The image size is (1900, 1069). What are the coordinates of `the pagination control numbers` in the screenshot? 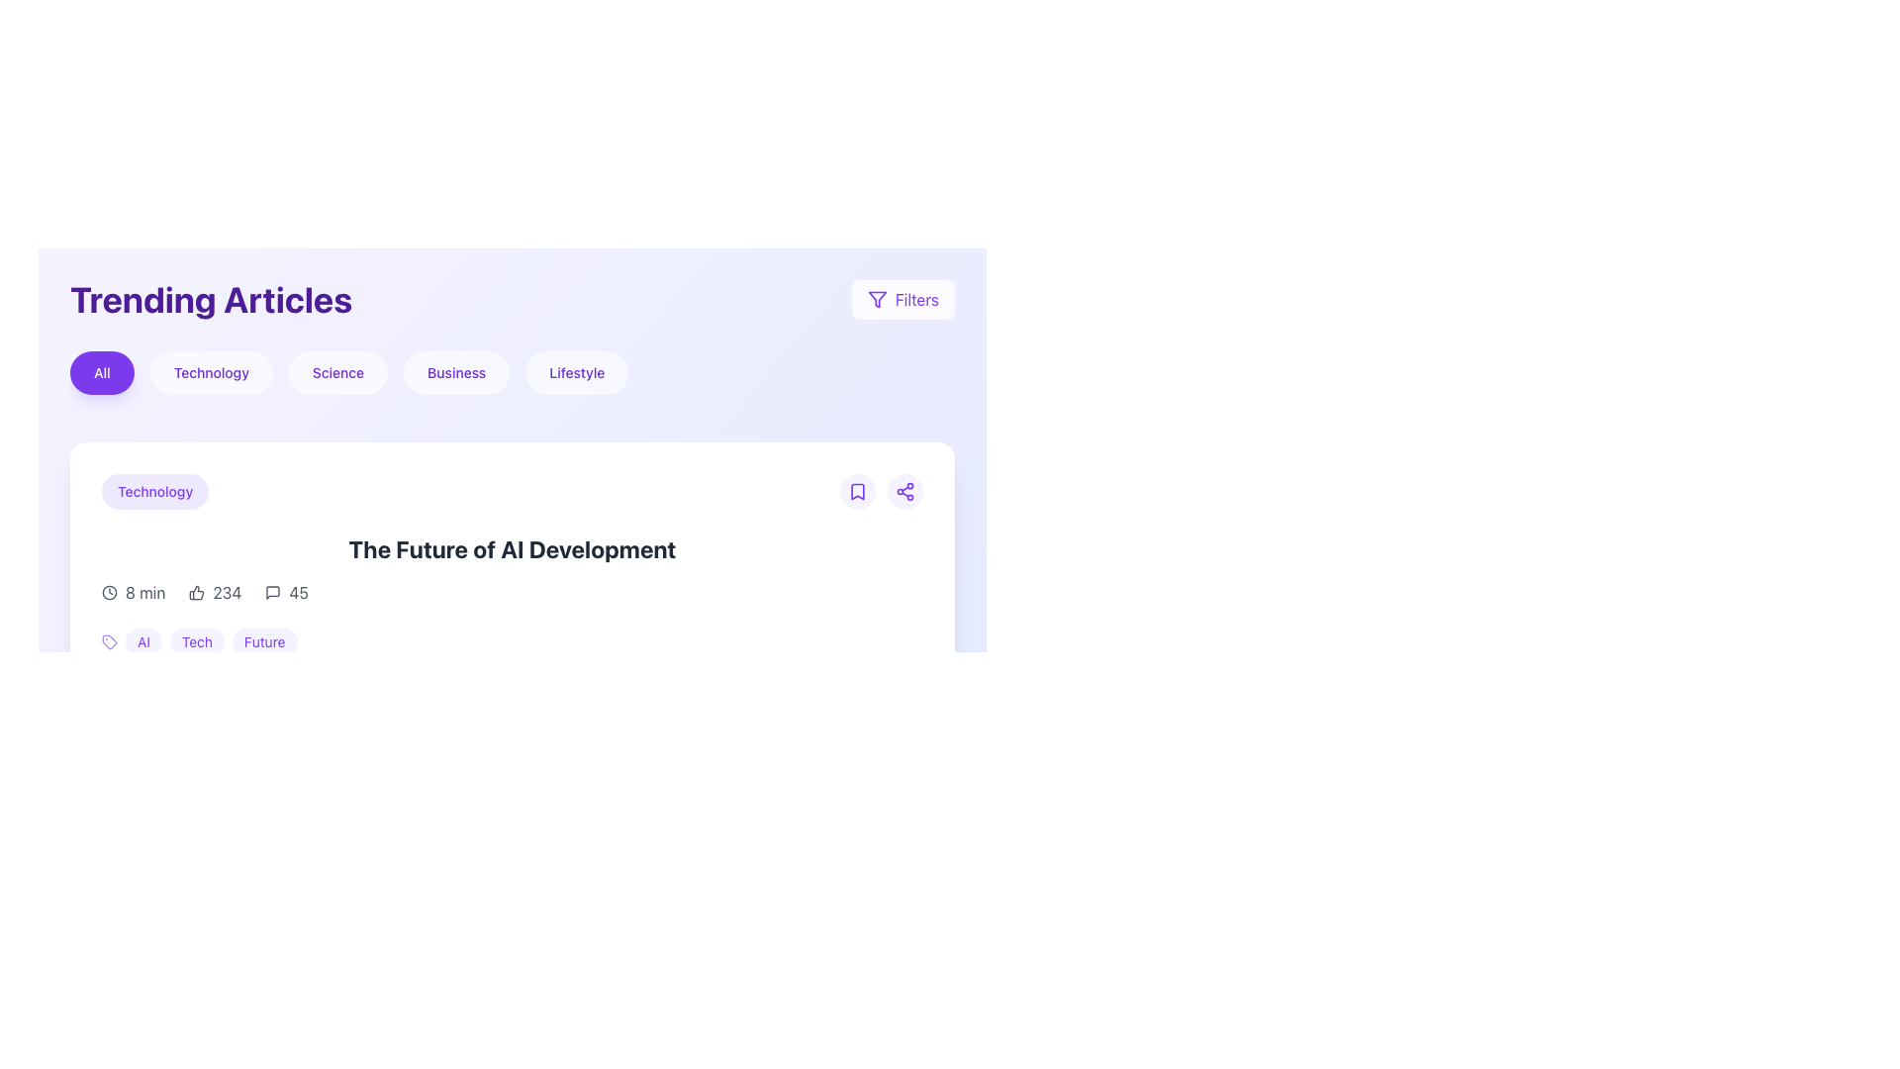 It's located at (513, 1020).